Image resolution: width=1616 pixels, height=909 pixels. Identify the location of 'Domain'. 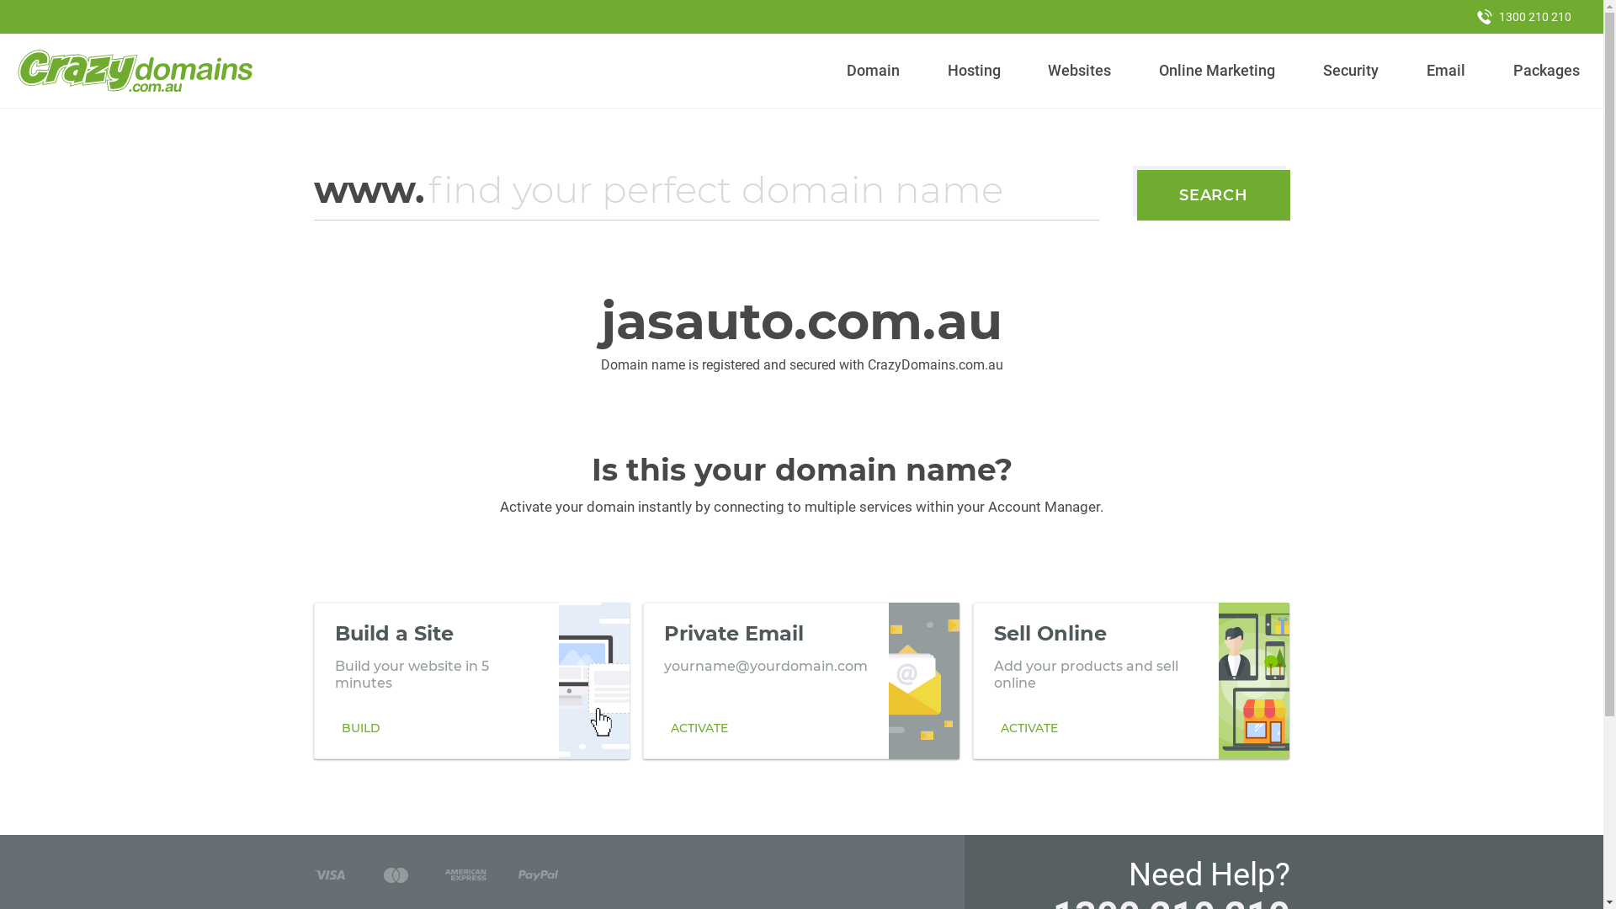
(873, 70).